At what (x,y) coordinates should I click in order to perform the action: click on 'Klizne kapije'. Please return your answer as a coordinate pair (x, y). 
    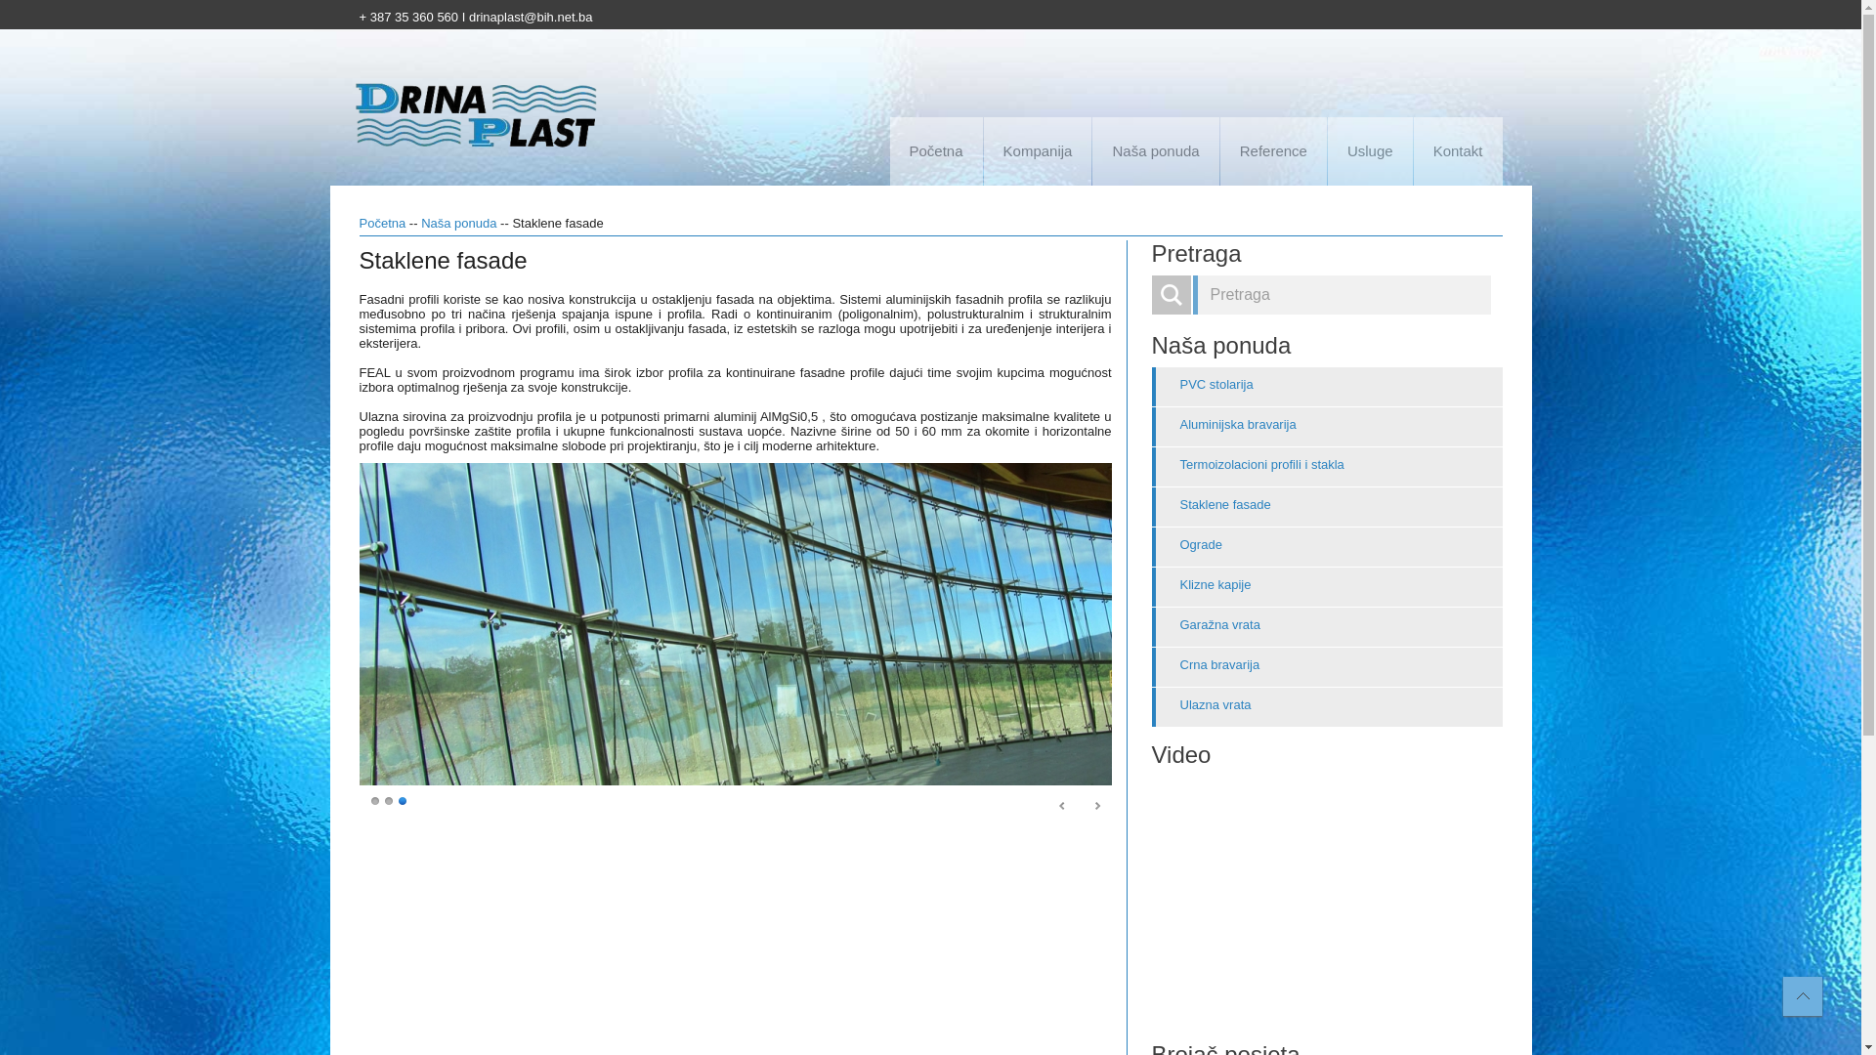
    Looking at the image, I should click on (1150, 586).